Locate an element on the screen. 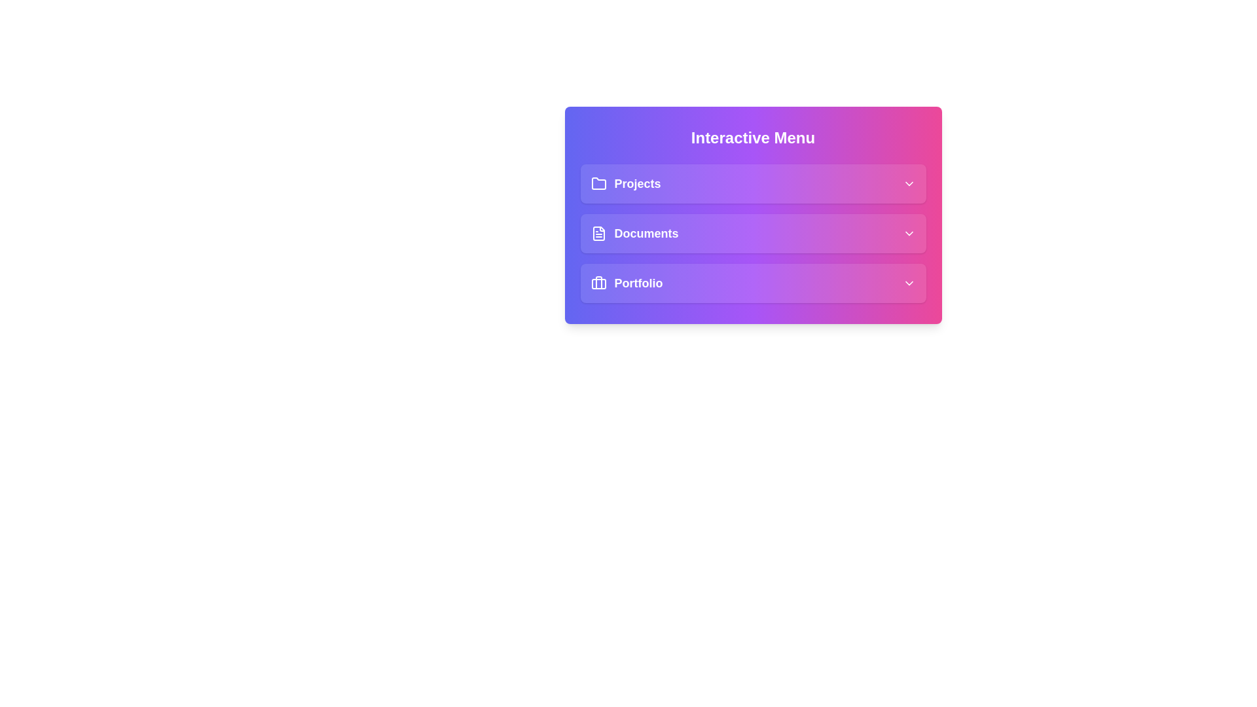 The image size is (1257, 707). the 'Documents' text label, which is a white, bold text within a rectangular button with a gradient purple background, positioned between the 'Projects' and 'Portfolio' buttons is located at coordinates (646, 233).